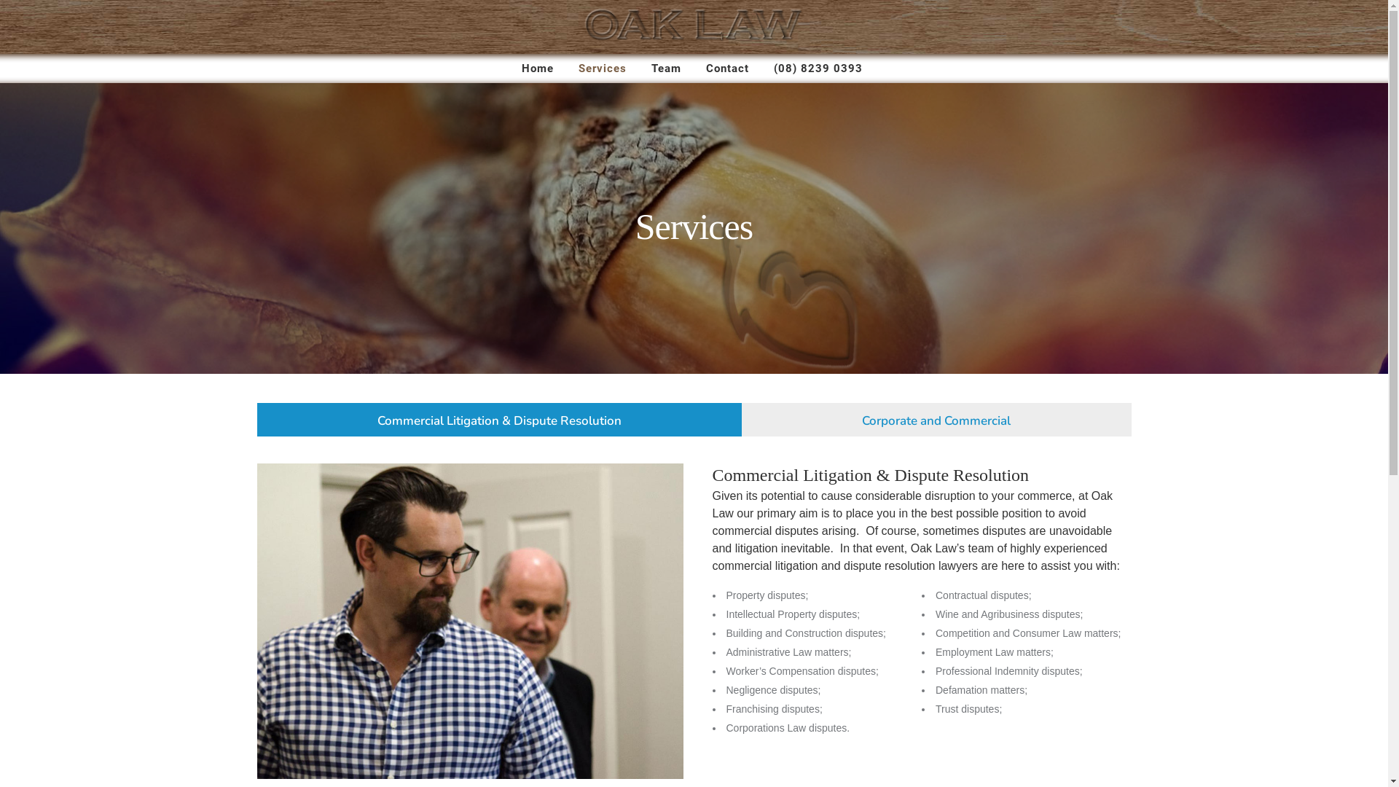  What do you see at coordinates (602, 68) in the screenshot?
I see `'Services'` at bounding box center [602, 68].